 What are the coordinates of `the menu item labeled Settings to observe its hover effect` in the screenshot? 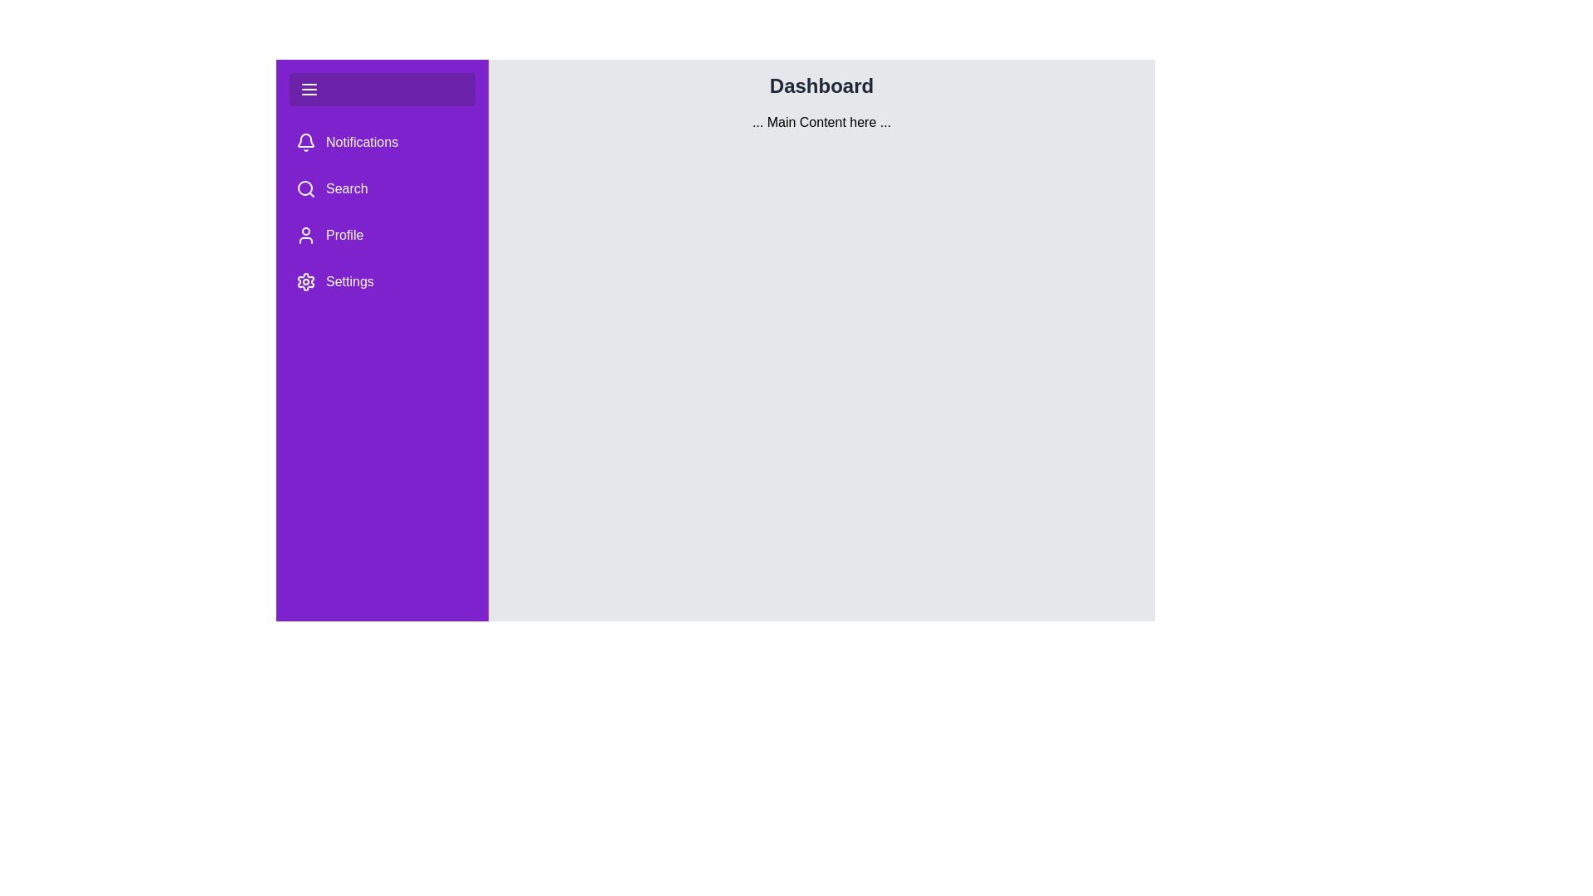 It's located at (381, 280).